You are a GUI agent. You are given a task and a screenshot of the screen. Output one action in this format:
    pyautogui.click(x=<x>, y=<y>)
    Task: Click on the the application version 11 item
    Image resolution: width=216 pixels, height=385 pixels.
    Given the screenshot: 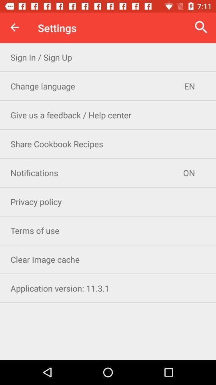 What is the action you would take?
    pyautogui.click(x=108, y=288)
    